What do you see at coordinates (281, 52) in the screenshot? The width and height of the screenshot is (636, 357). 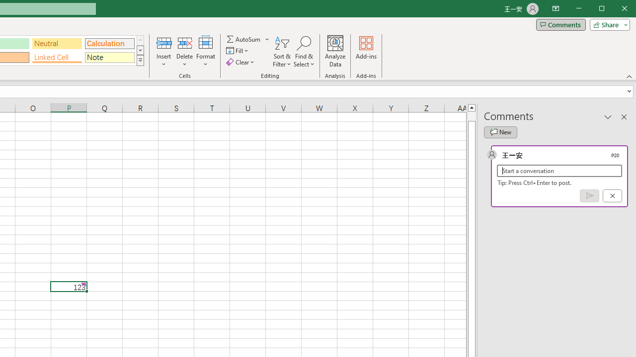 I see `'Sort & Filter'` at bounding box center [281, 52].